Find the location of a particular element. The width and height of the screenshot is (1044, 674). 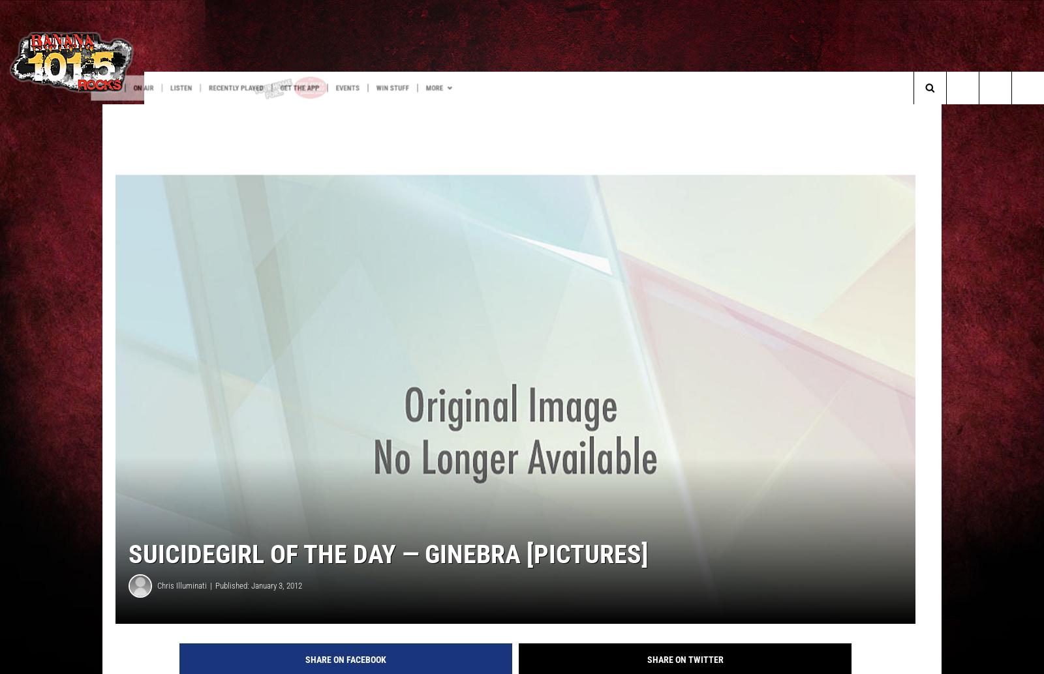

'$500 Target Gift Card' is located at coordinates (80, 114).